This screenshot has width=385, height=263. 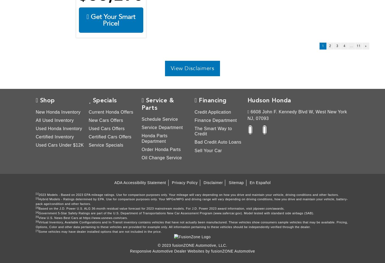 I want to click on 'Bad Credit Auto Loans', so click(x=217, y=142).